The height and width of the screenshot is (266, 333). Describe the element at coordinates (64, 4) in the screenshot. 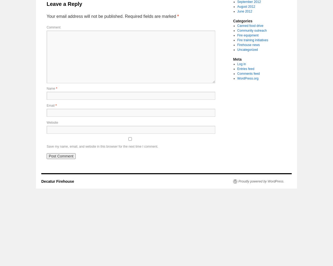

I see `'Leave a Reply'` at that location.